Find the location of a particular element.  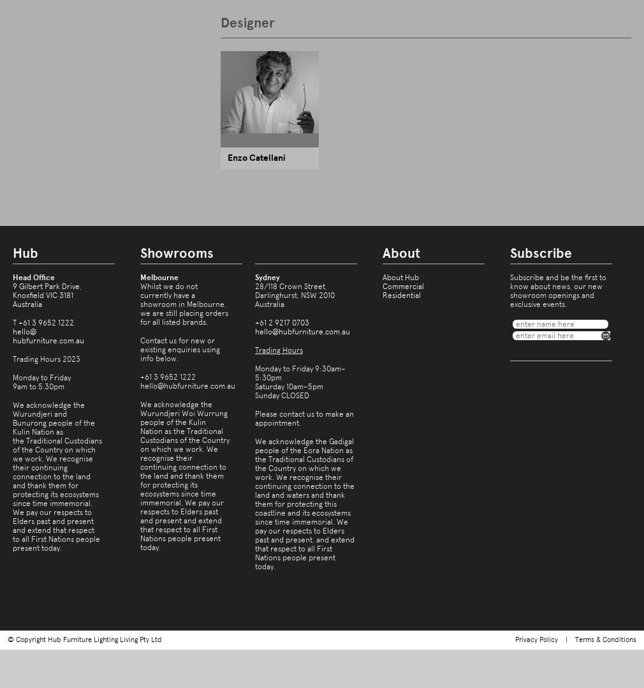

'Monday to Friday' is located at coordinates (11, 378).